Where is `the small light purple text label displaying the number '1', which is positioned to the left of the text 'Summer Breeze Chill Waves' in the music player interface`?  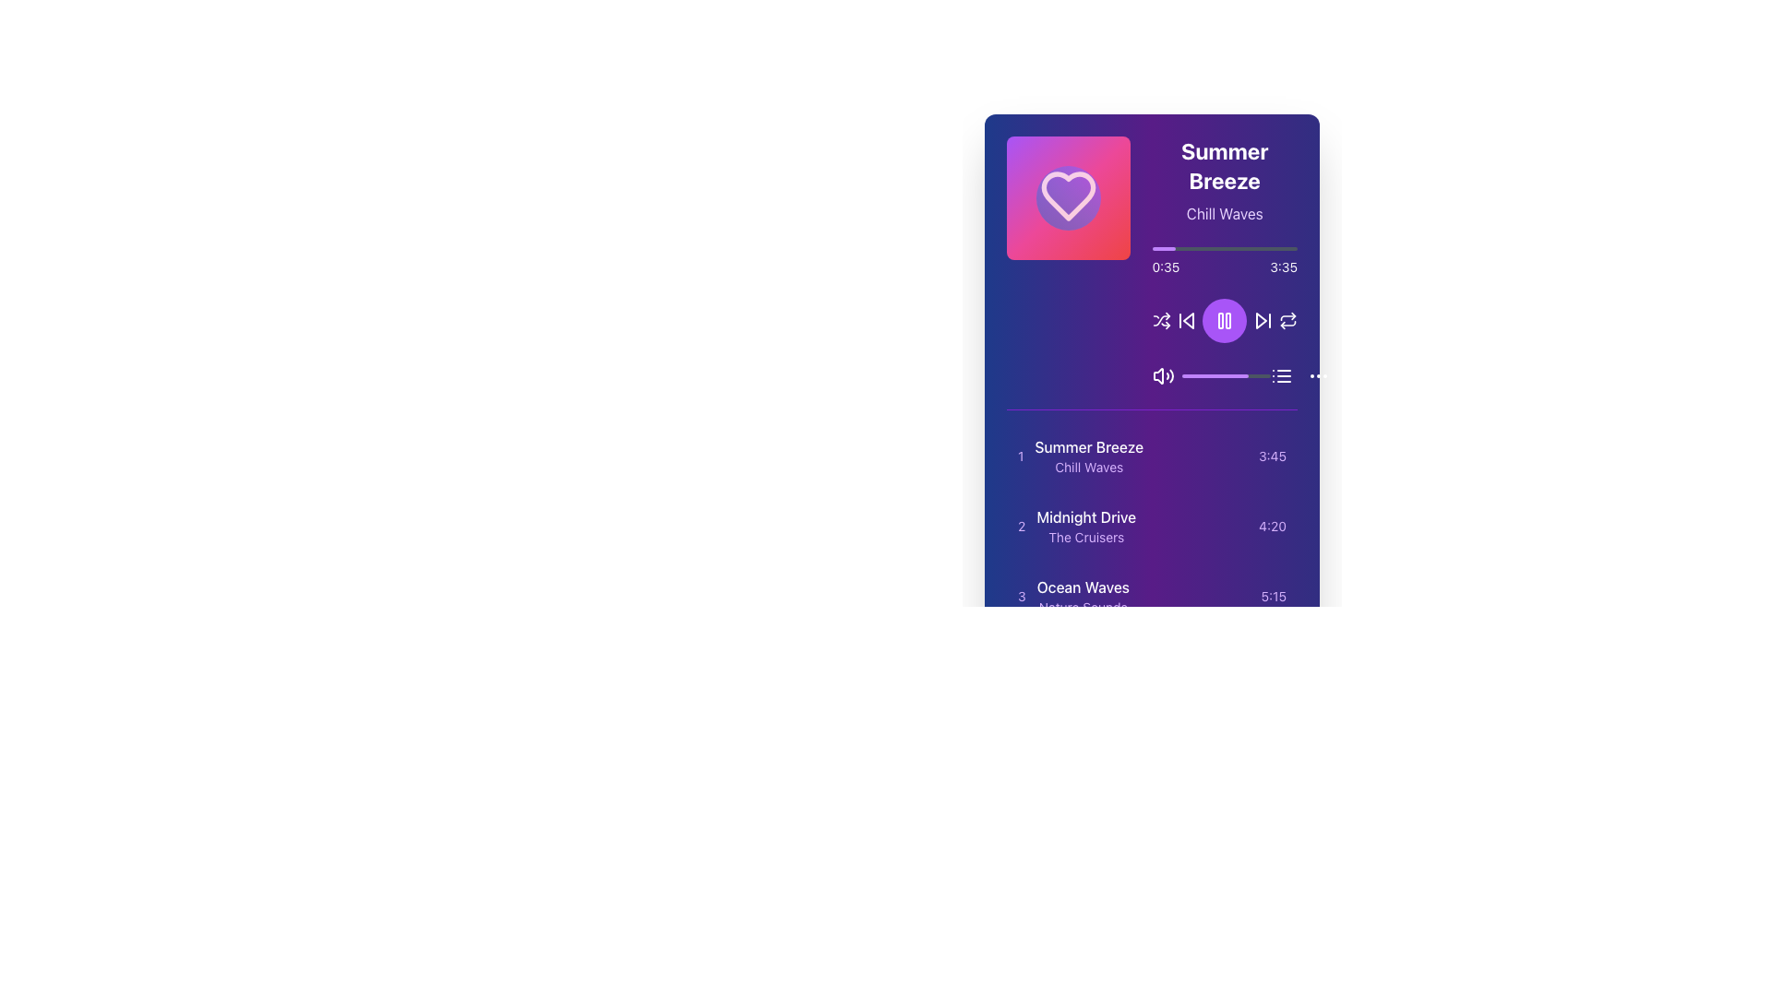 the small light purple text label displaying the number '1', which is positioned to the left of the text 'Summer Breeze Chill Waves' in the music player interface is located at coordinates (1020, 456).